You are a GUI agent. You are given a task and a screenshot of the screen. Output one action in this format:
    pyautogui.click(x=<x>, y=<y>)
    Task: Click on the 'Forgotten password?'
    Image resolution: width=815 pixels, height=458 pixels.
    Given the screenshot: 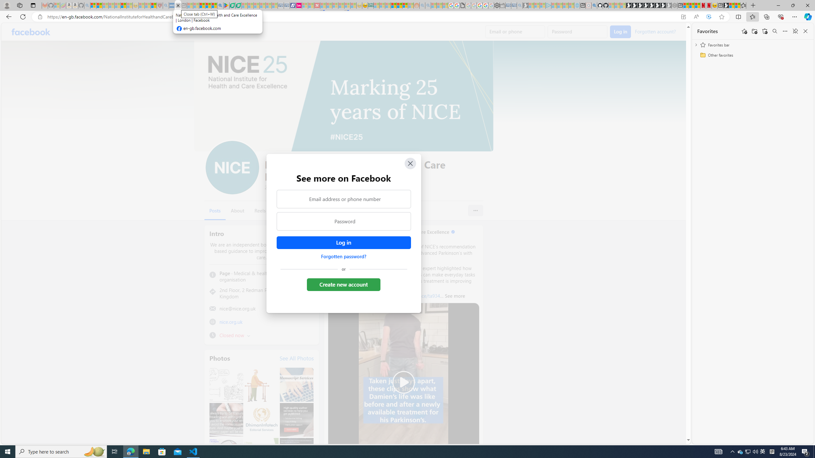 What is the action you would take?
    pyautogui.click(x=344, y=256)
    